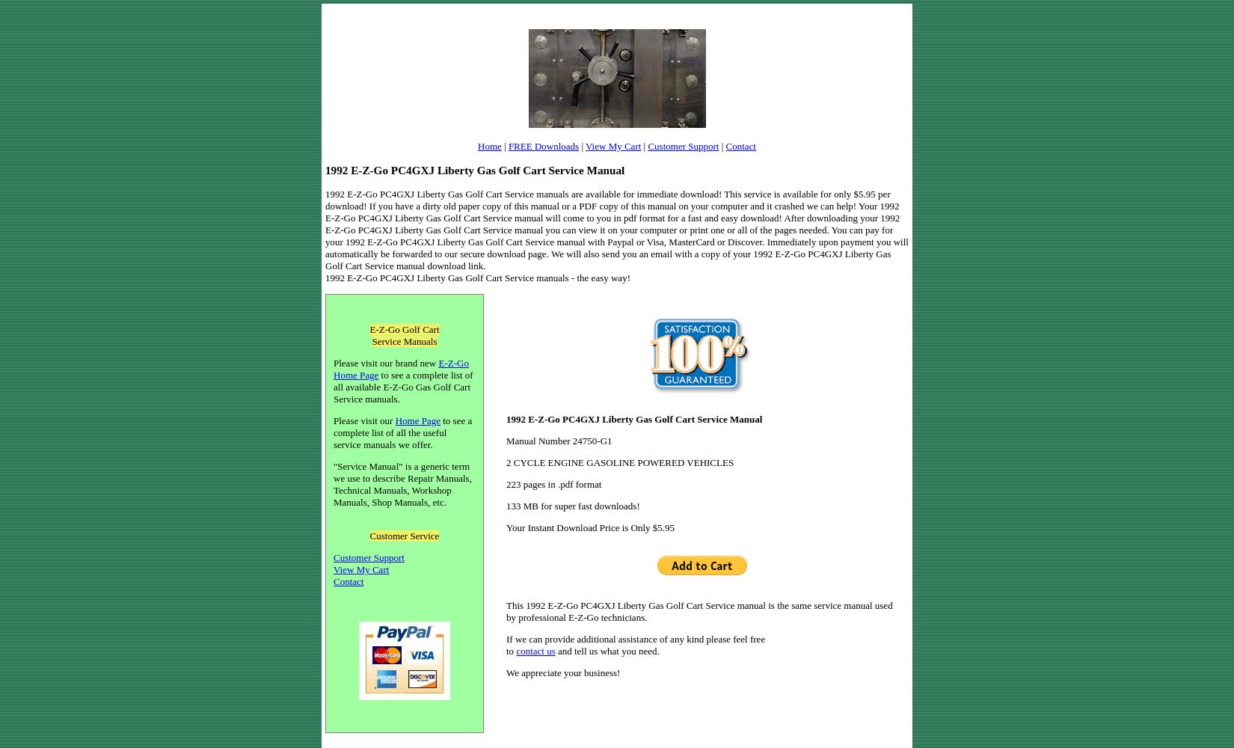 The image size is (1234, 748). Describe the element at coordinates (488, 145) in the screenshot. I see `'Home'` at that location.